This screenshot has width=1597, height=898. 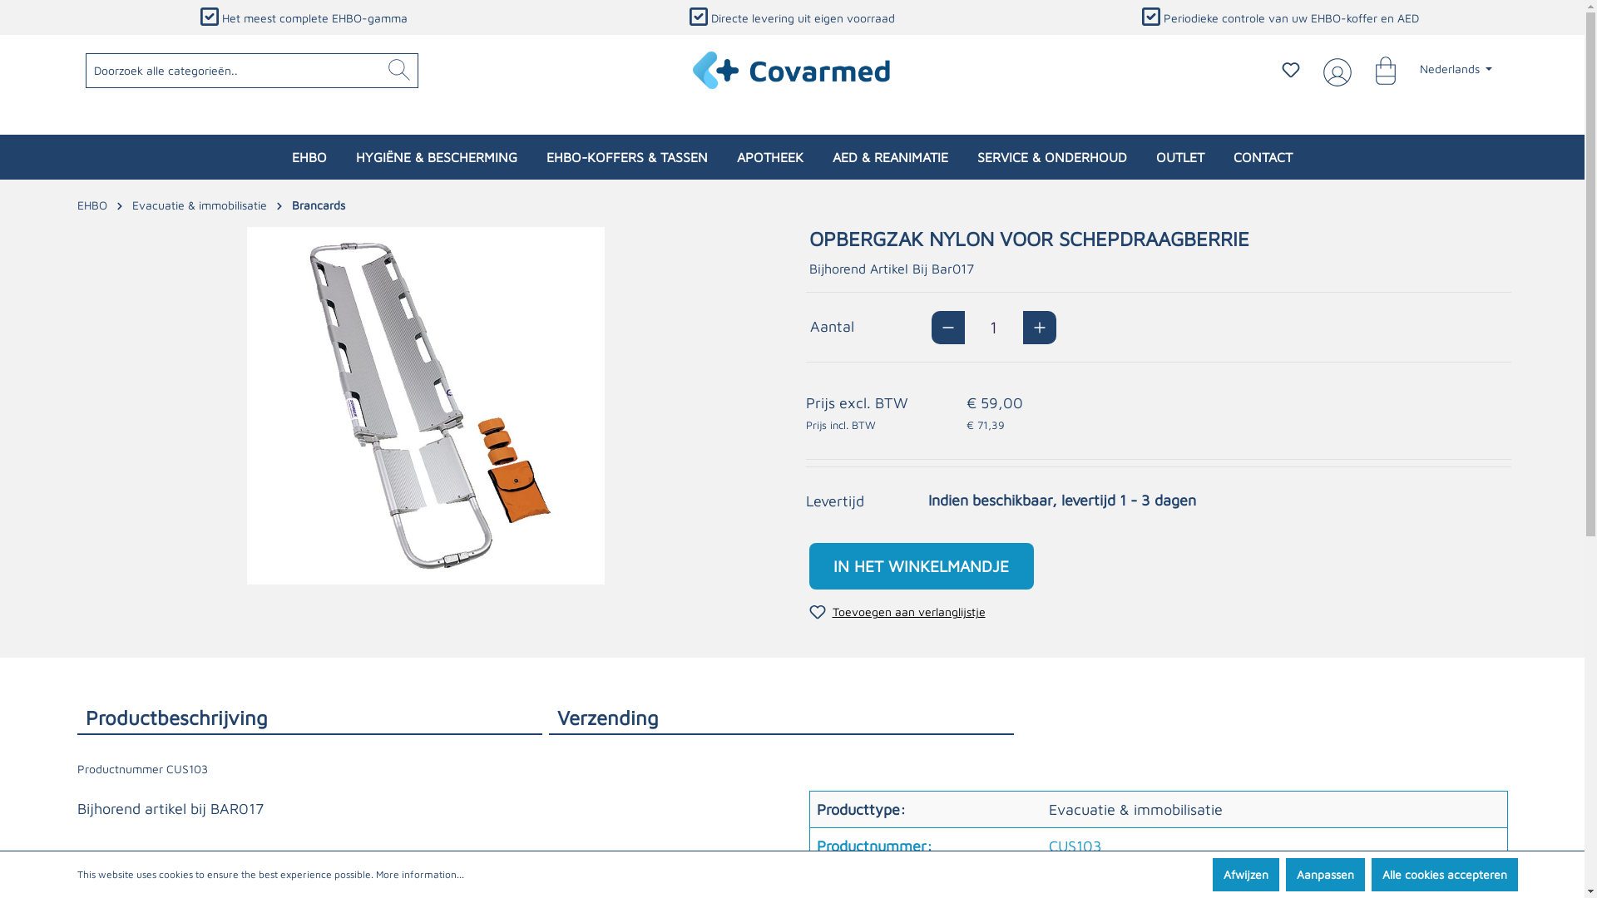 I want to click on 'Alle cookies accepteren', so click(x=1443, y=874).